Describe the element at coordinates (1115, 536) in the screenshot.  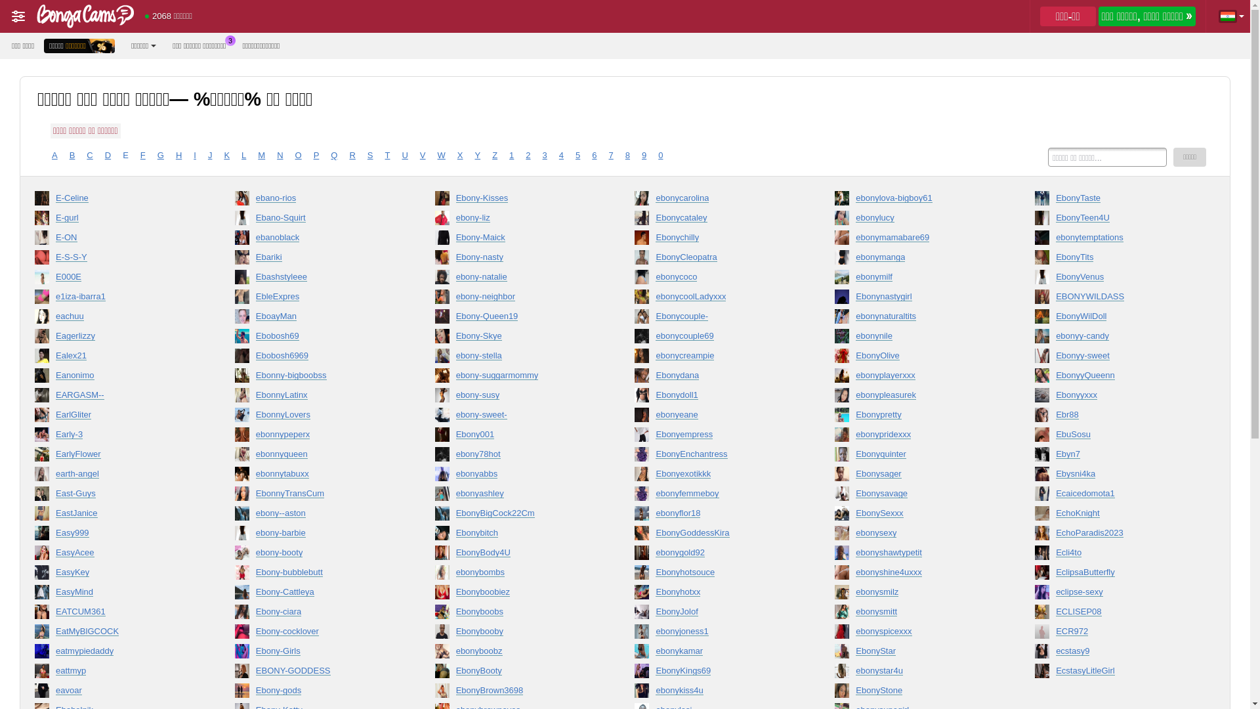
I see `'EchoParadis2023'` at that location.